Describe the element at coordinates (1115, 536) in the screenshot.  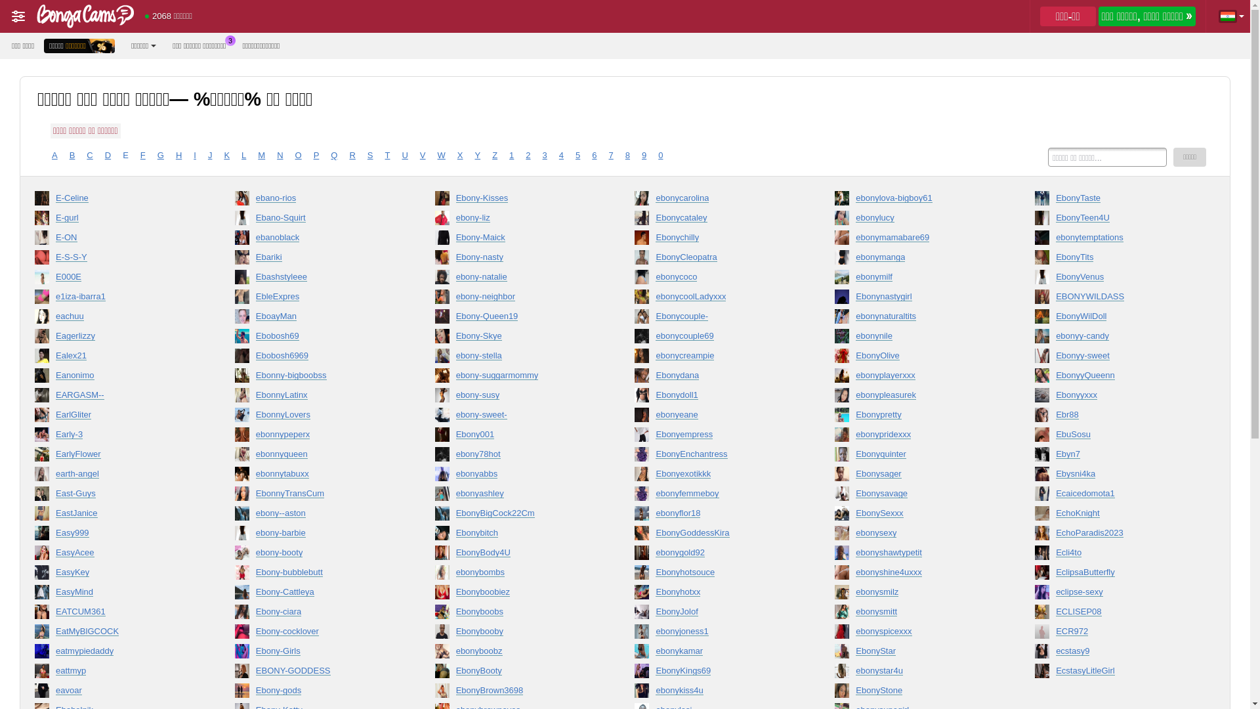
I see `'EchoParadis2023'` at that location.